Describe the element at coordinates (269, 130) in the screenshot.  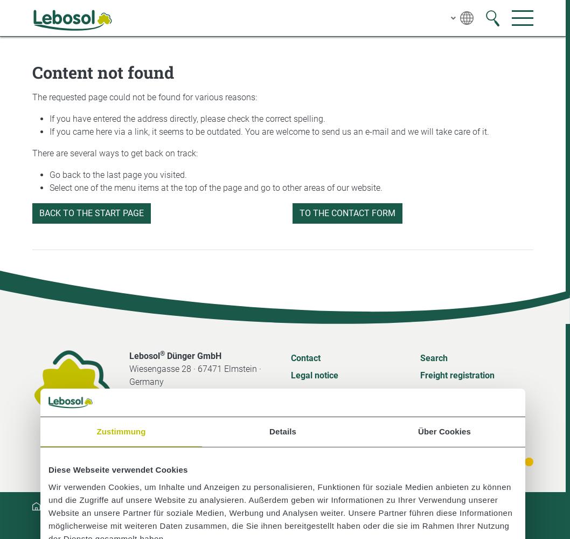
I see `'If you came here via a link, it seems to be outdated. You are welcome to send us an e-mail and we will take care of it.'` at that location.